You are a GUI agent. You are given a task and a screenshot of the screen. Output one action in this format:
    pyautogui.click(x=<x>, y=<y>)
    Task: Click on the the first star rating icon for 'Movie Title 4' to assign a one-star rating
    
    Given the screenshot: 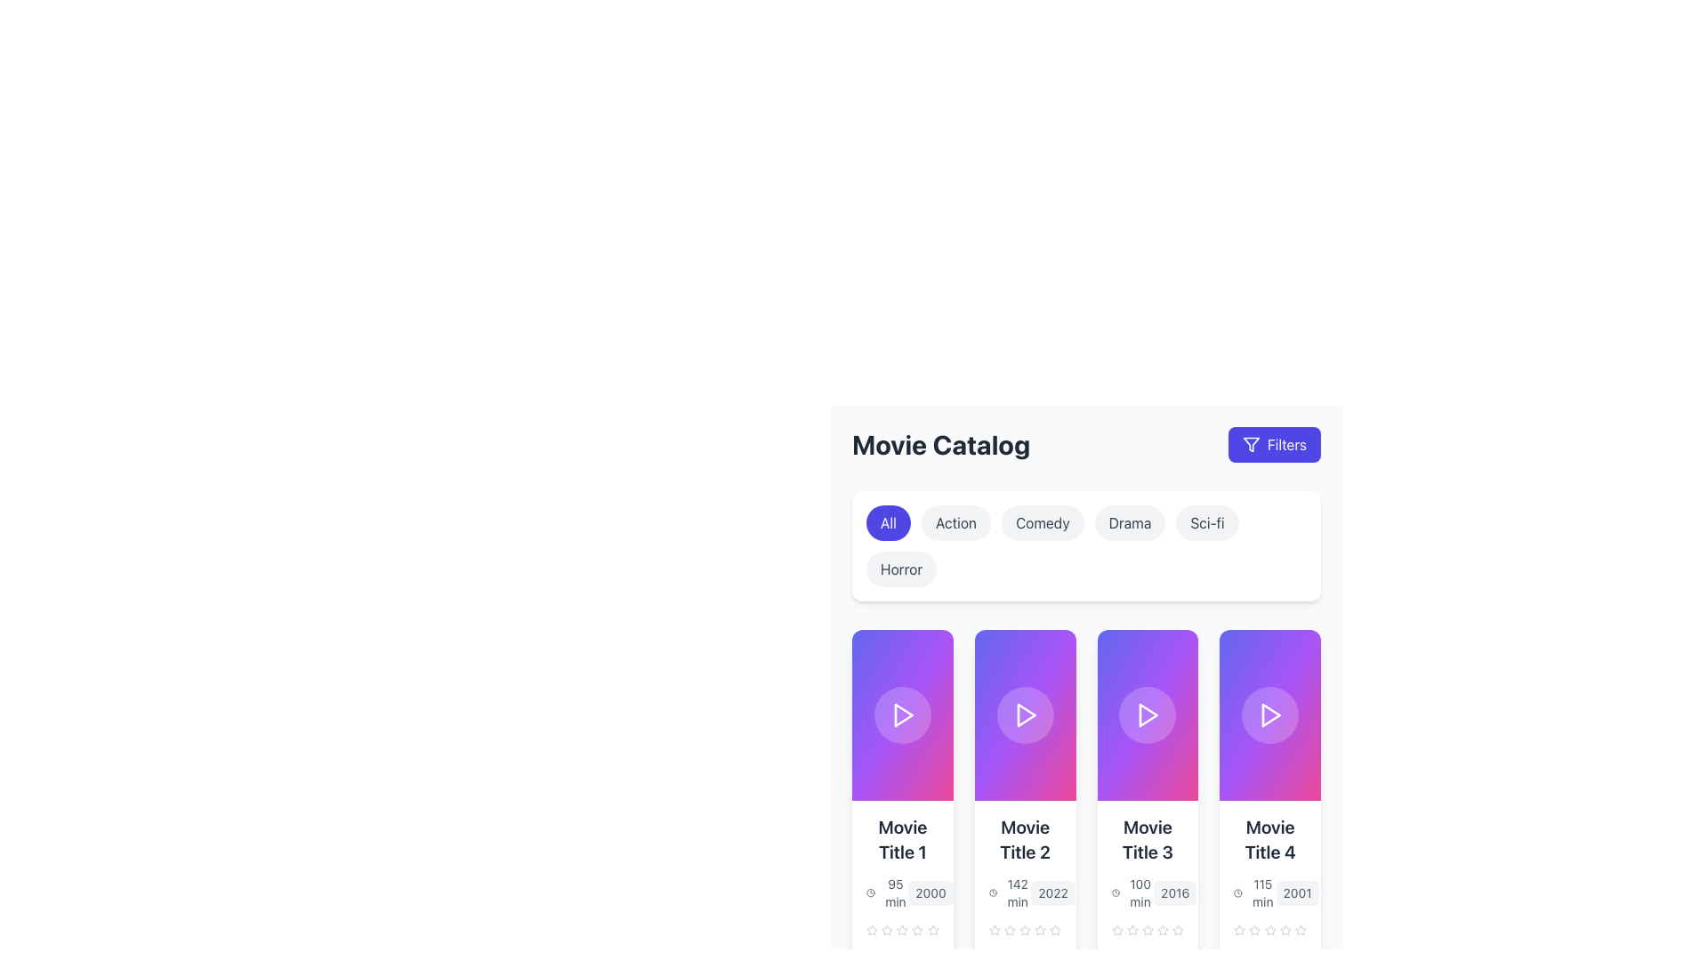 What is the action you would take?
    pyautogui.click(x=1238, y=929)
    